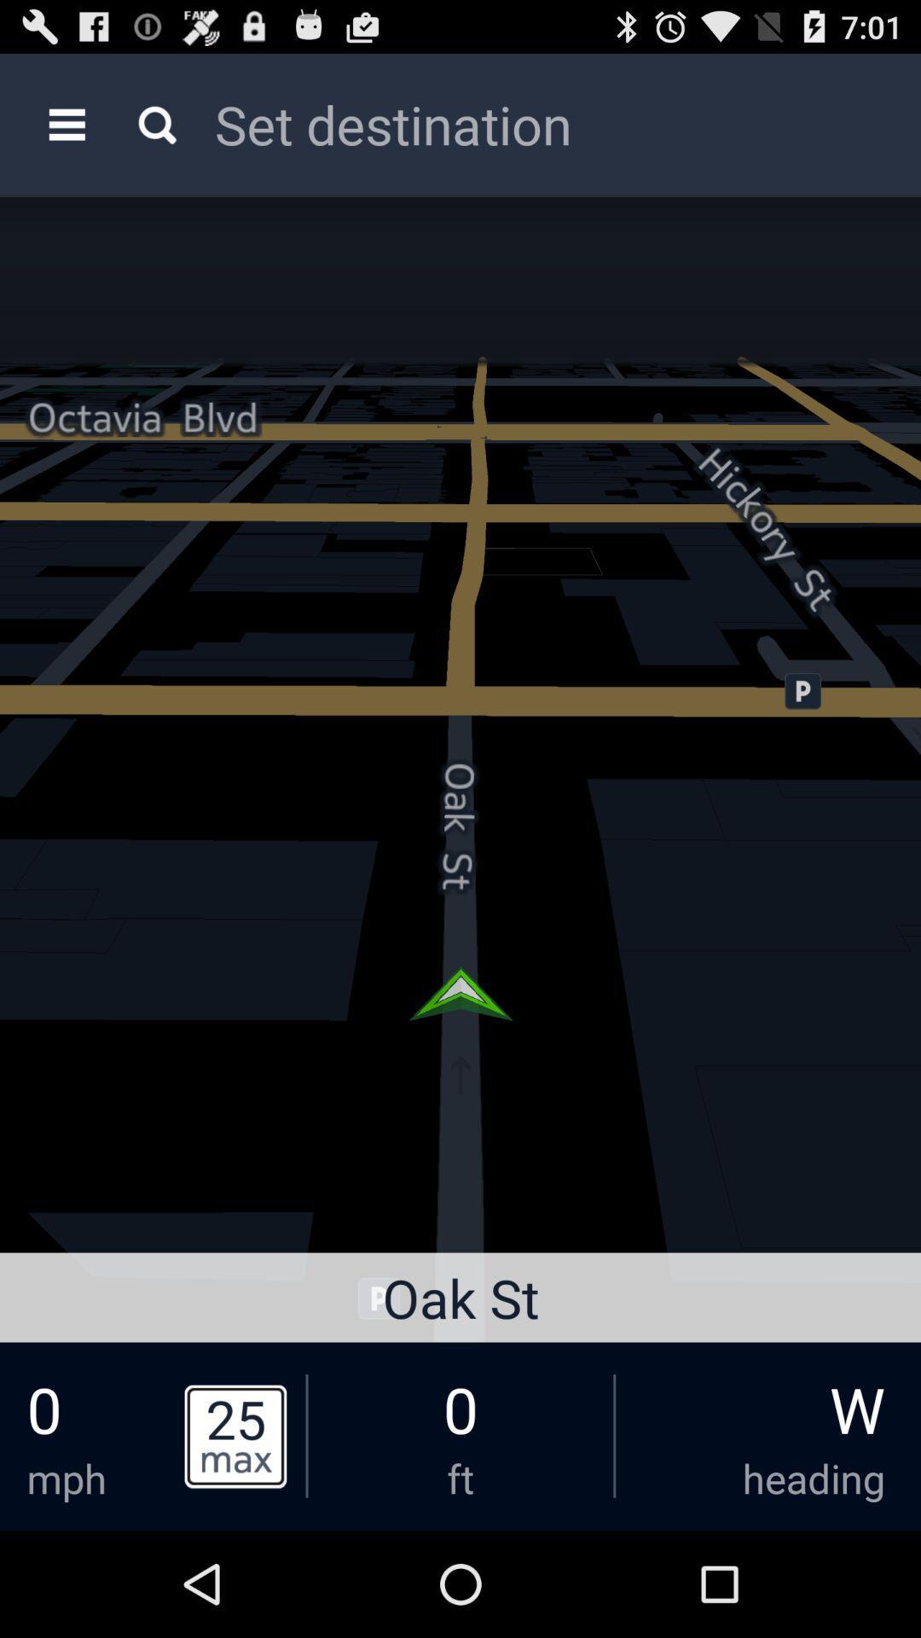  What do you see at coordinates (66, 131) in the screenshot?
I see `the menu icon` at bounding box center [66, 131].